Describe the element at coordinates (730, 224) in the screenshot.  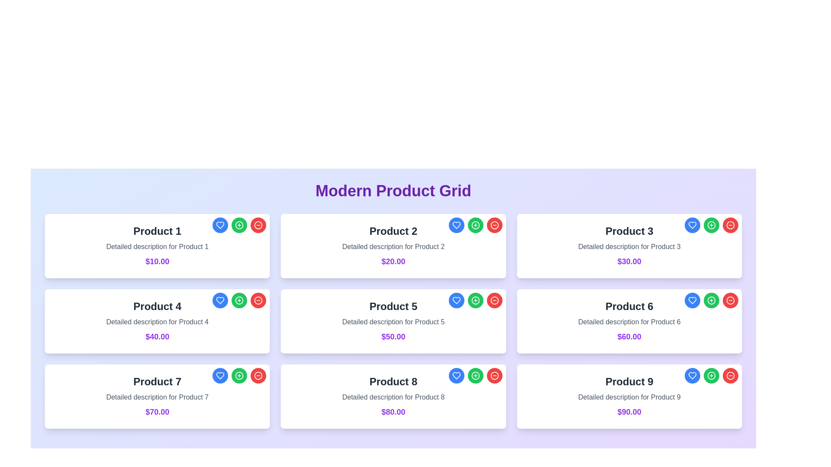
I see `the circular red button with a white minus symbol centered within it, located in the 'Product 3' card in the top-right corner of the grid layout` at that location.